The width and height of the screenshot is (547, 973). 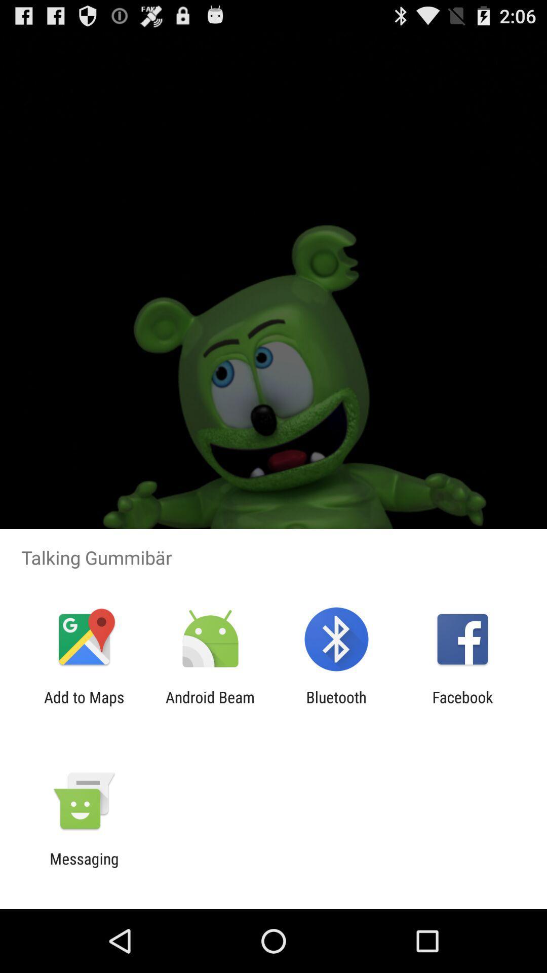 I want to click on the bluetooth icon, so click(x=336, y=705).